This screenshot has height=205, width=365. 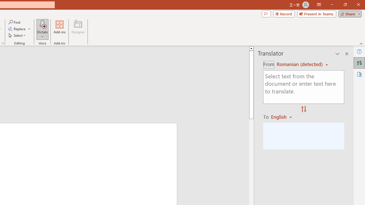 I want to click on 'Dictate', so click(x=42, y=24).